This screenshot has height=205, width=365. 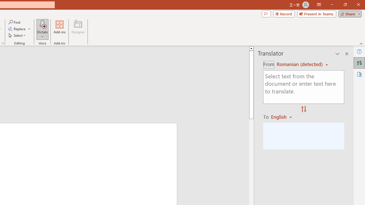 I want to click on 'Dictate', so click(x=42, y=24).